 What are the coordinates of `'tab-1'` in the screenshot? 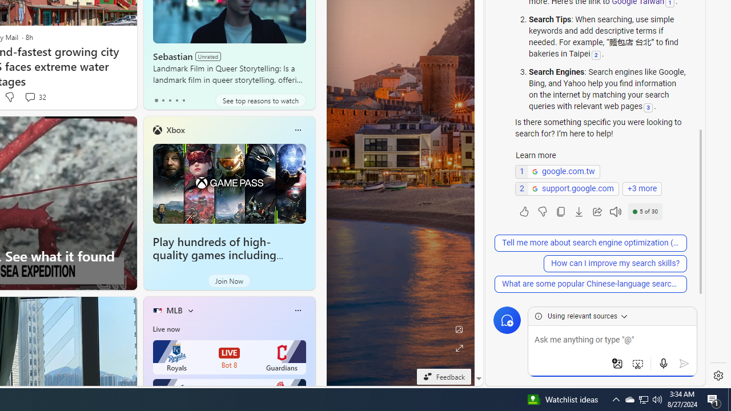 It's located at (162, 100).